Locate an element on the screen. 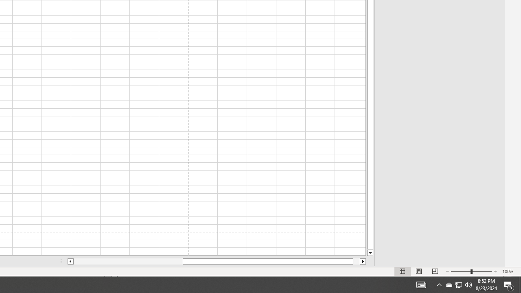 The height and width of the screenshot is (293, 521). 'Show desktop' is located at coordinates (509, 284).